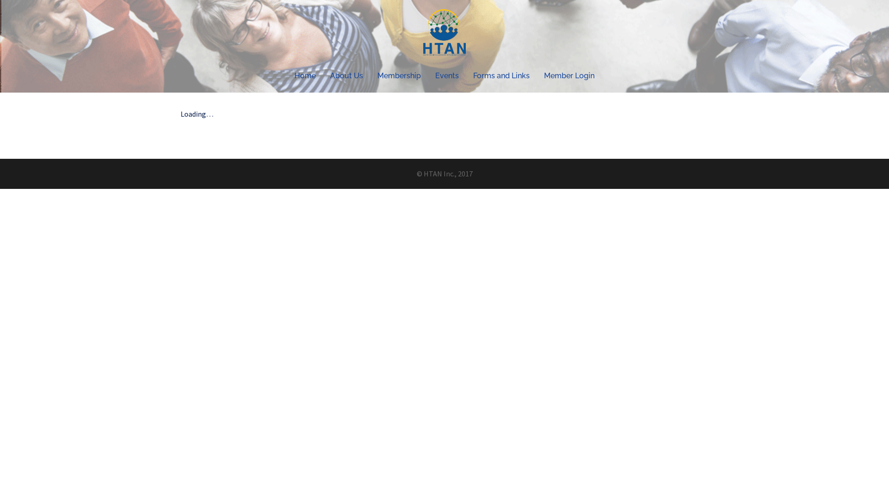  I want to click on 'Membership', so click(399, 75).